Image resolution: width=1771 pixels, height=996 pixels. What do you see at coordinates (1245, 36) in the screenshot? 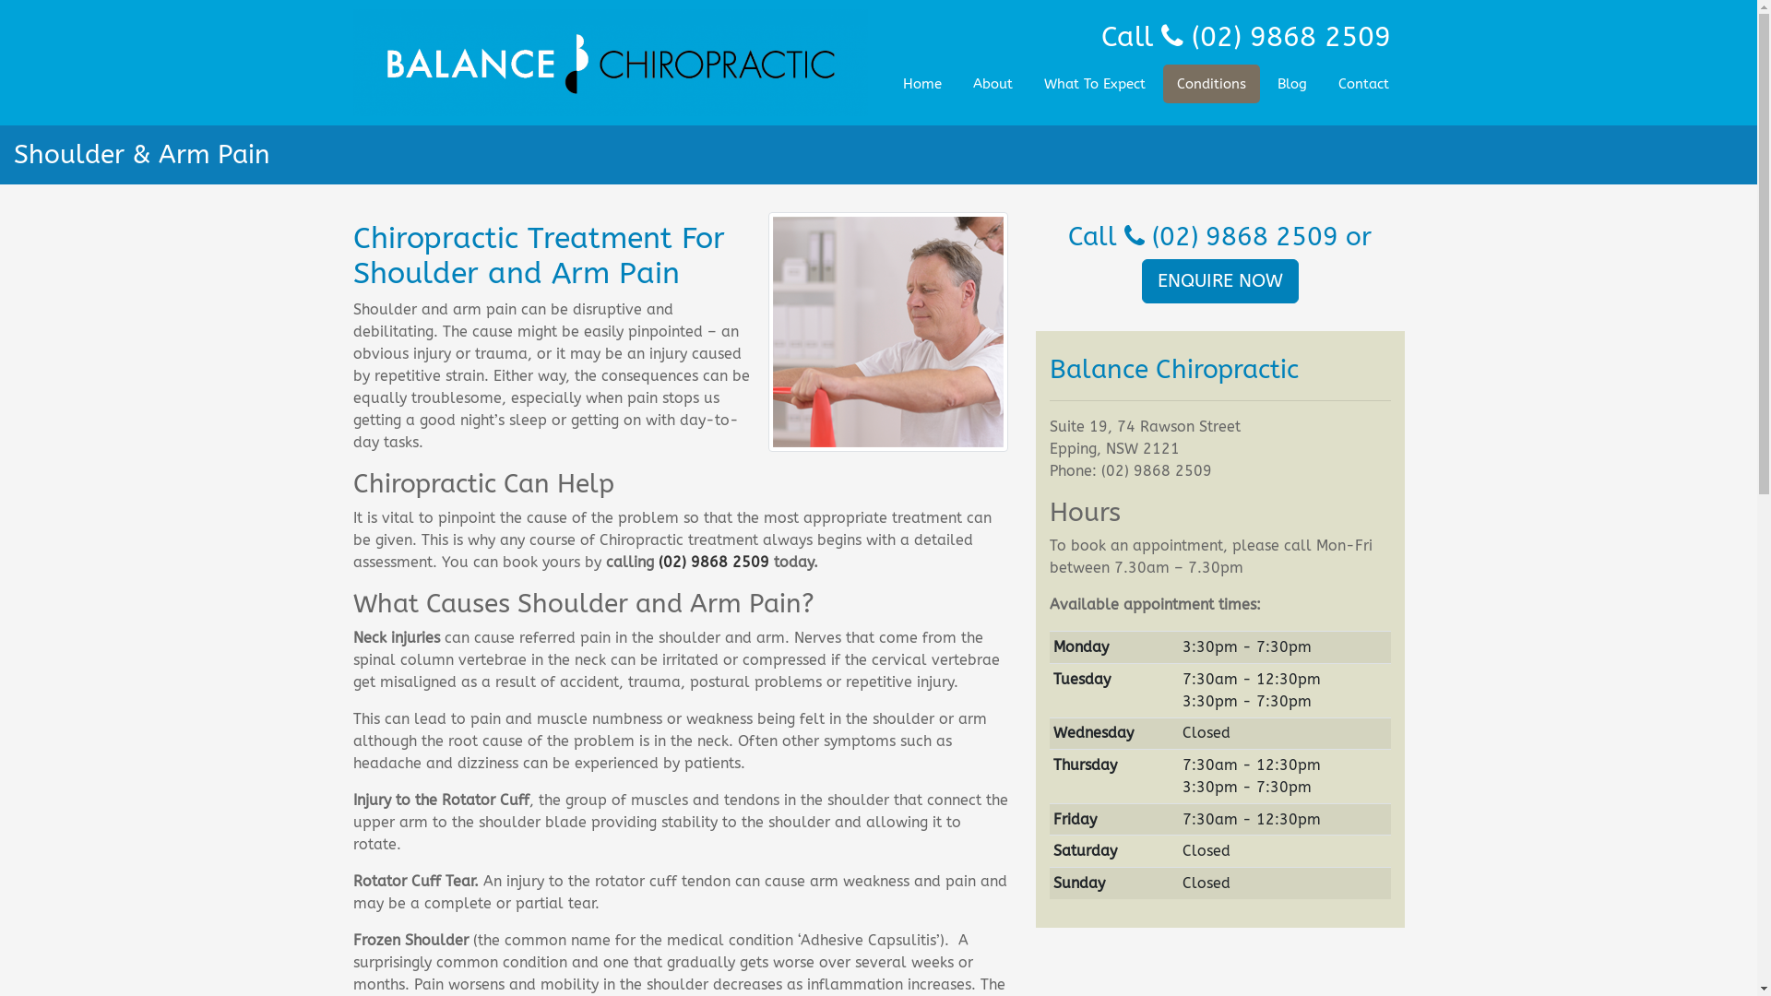
I see `'Call (02) 9868 2509'` at bounding box center [1245, 36].